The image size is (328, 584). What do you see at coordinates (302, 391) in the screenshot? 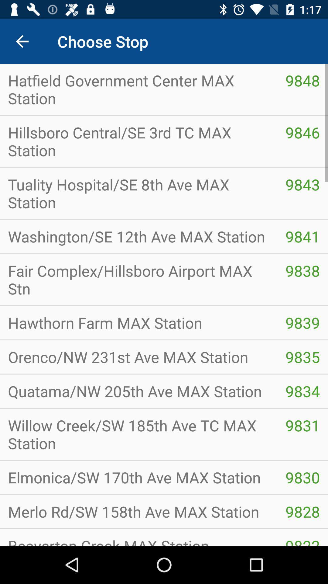
I see `icon to the right of orenco nw 231st icon` at bounding box center [302, 391].